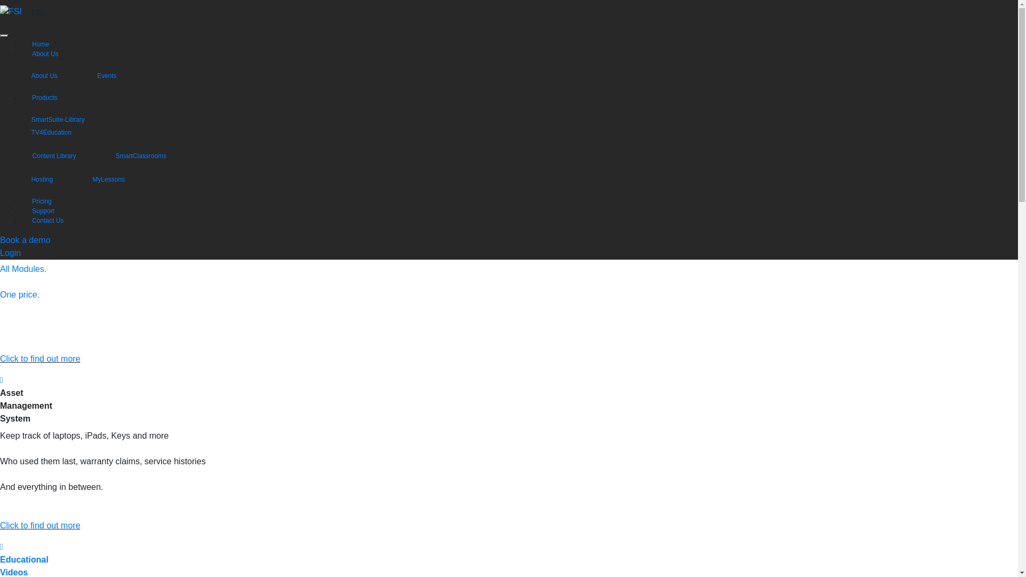 The image size is (1026, 577). I want to click on 'One price.', so click(0, 294).